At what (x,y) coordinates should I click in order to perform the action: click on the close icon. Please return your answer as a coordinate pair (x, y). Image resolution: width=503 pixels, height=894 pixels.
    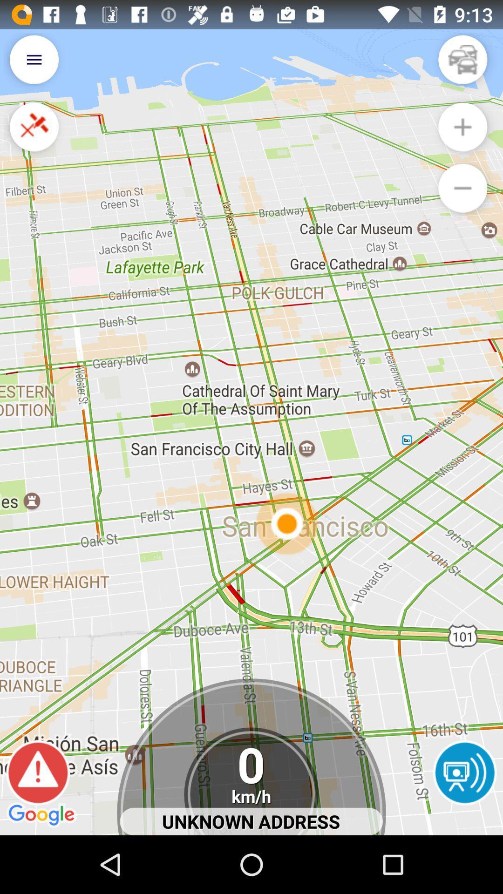
    Looking at the image, I should click on (34, 135).